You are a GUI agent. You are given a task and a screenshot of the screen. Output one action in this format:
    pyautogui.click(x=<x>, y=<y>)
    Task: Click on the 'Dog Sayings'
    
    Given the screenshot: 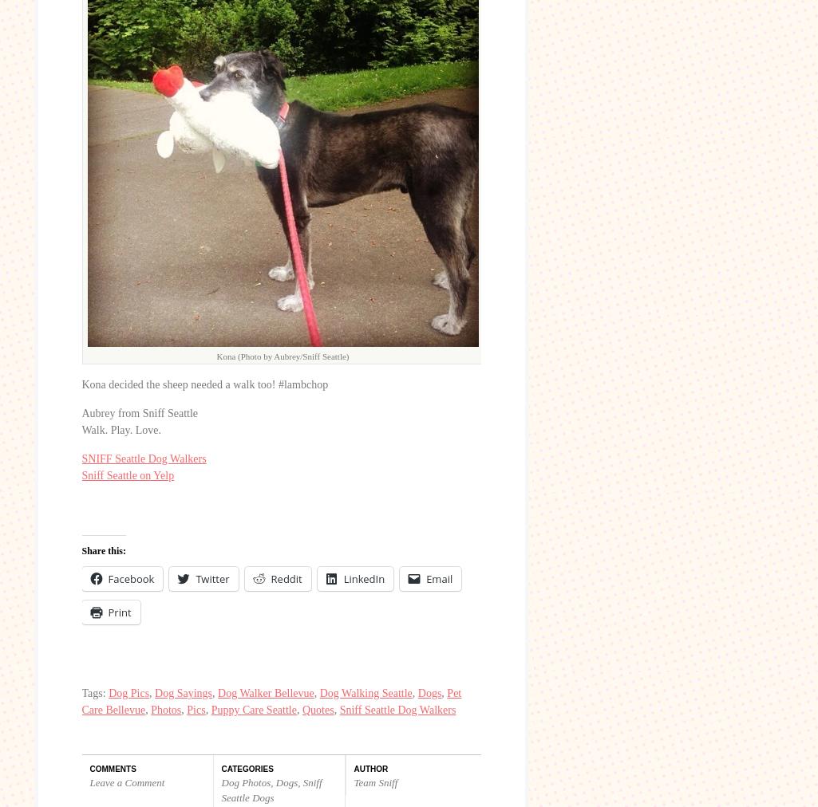 What is the action you would take?
    pyautogui.click(x=184, y=691)
    